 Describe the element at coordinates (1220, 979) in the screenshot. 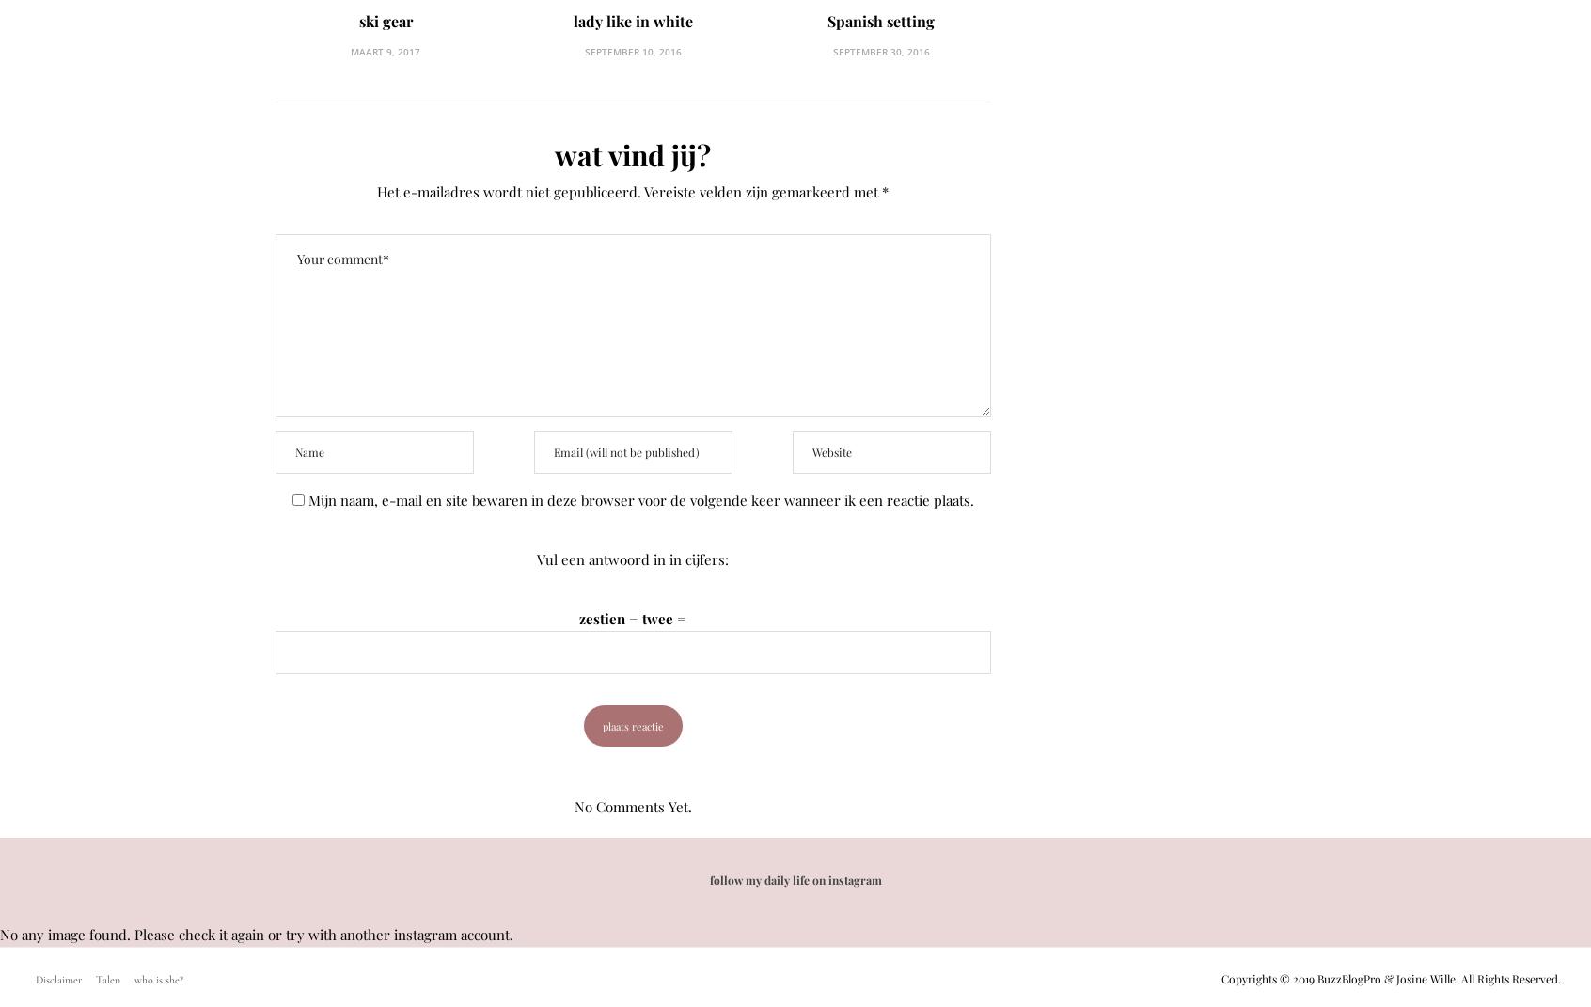

I see `'Copyrights © 2019 BuzzBlogPro & Josine Wille. All Rights Reserved.'` at that location.